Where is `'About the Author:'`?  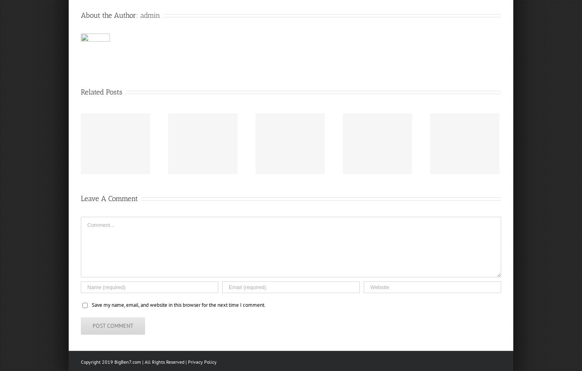
'About the Author:' is located at coordinates (110, 15).